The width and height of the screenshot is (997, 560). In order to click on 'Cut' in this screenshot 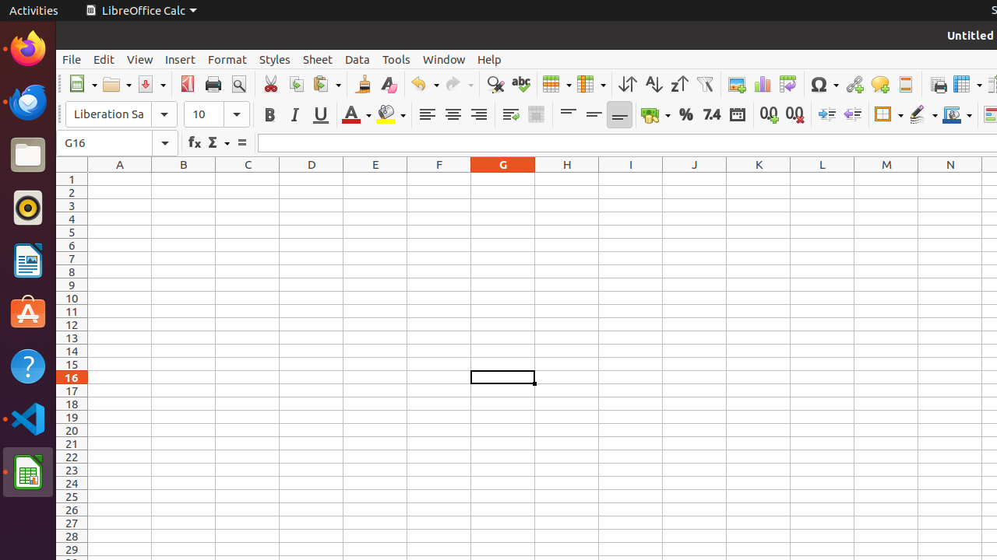, I will do `click(270, 84)`.